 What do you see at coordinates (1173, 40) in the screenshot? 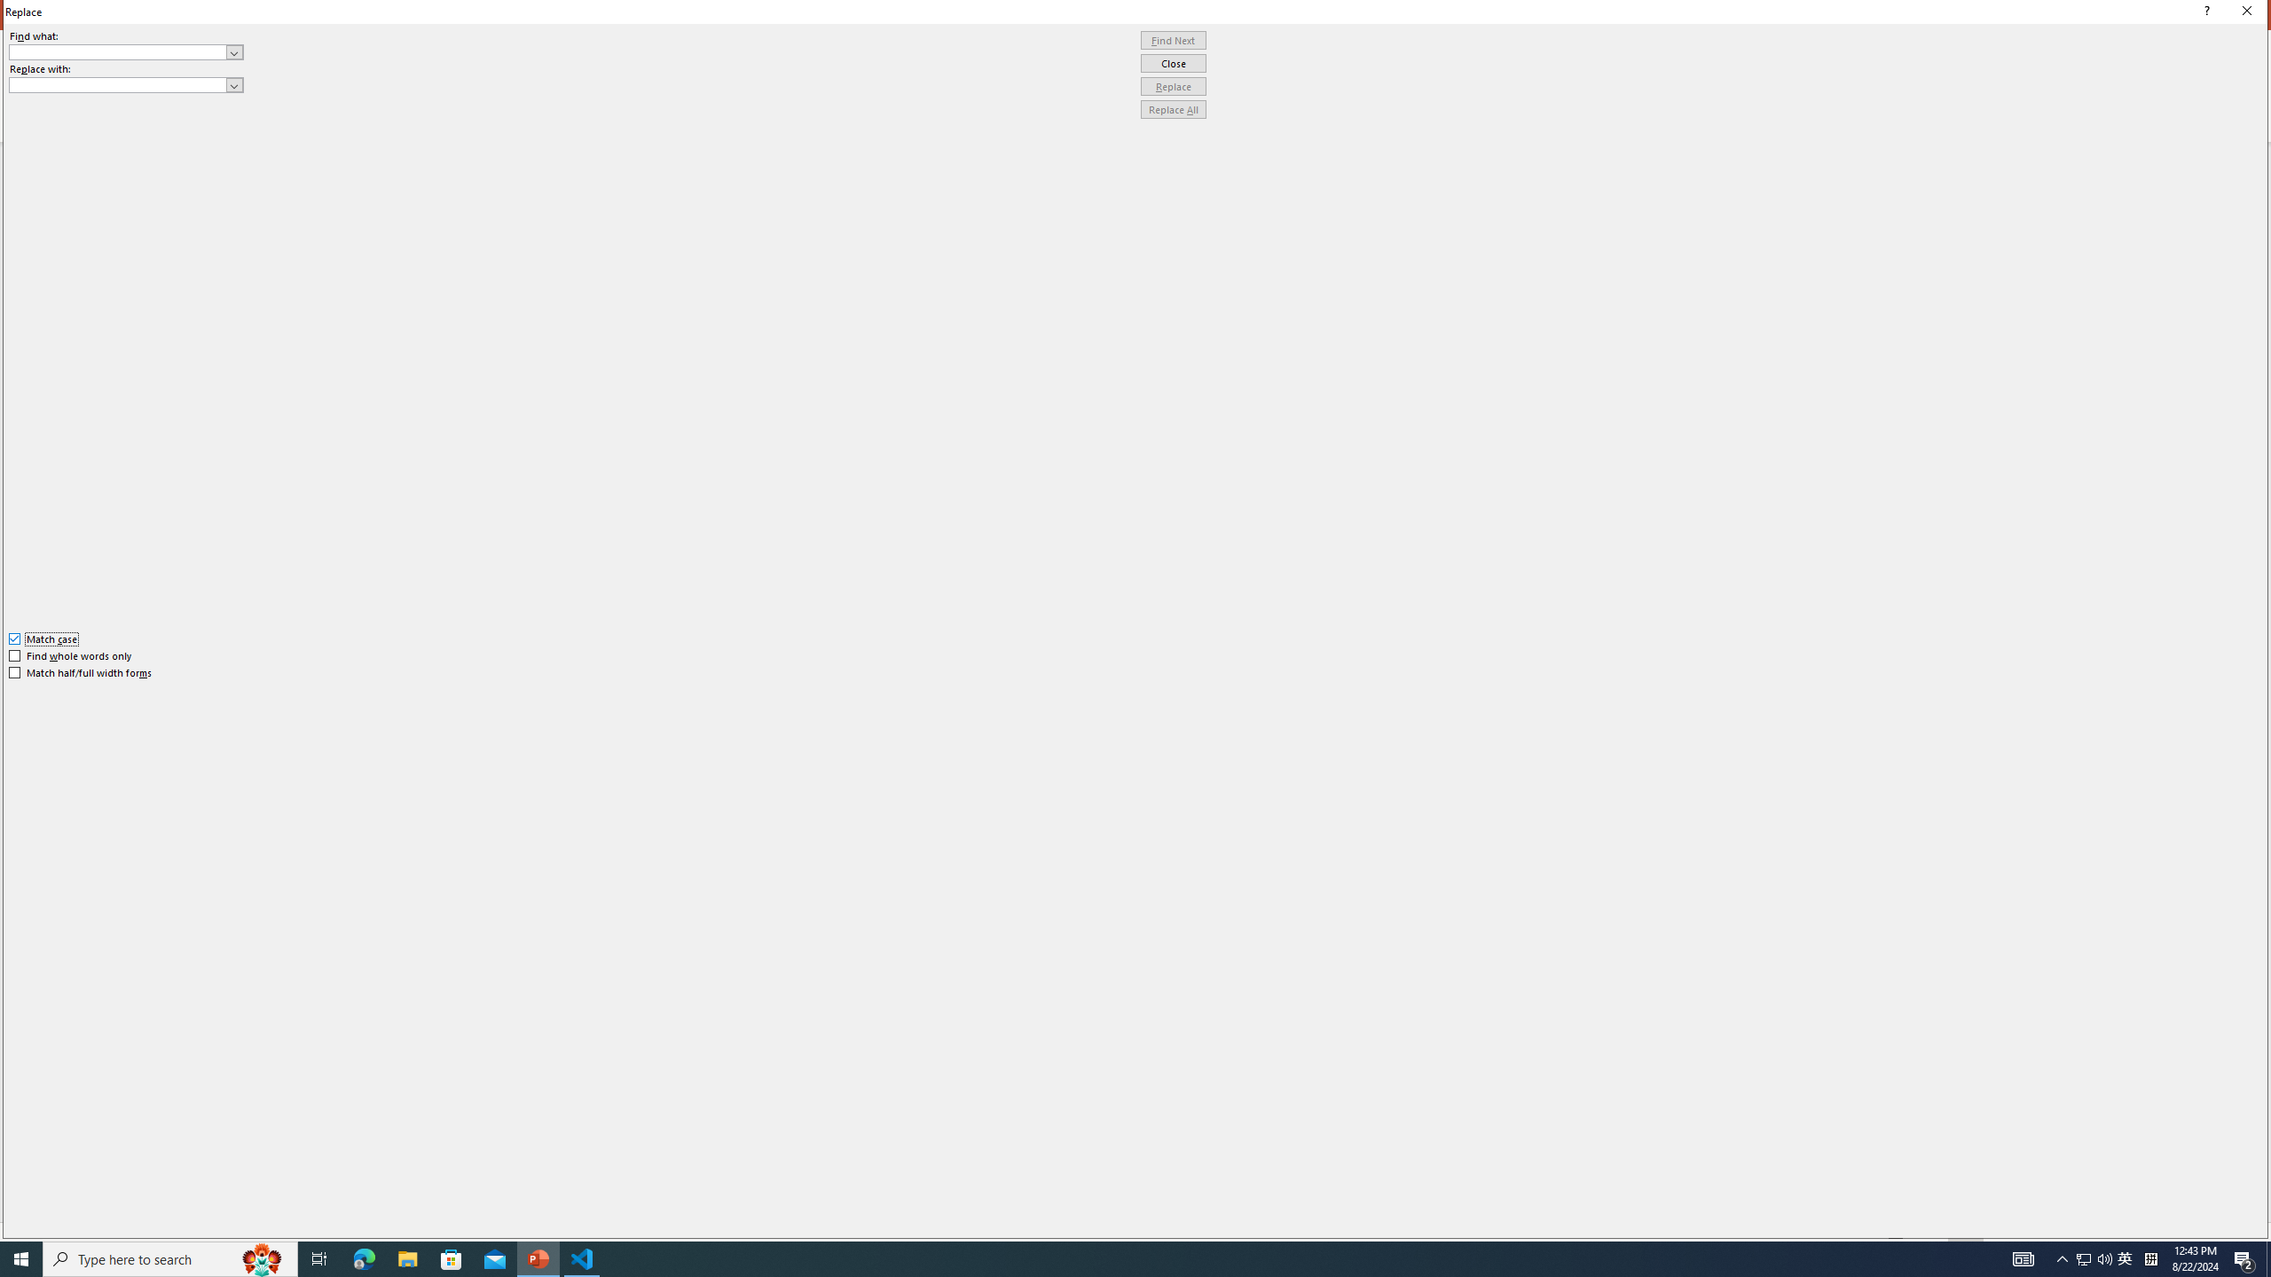
I see `'Find Next'` at bounding box center [1173, 40].